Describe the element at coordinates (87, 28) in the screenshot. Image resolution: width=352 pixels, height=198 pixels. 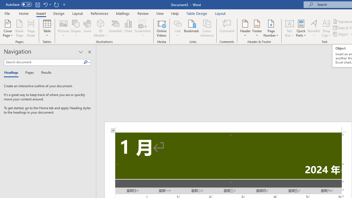
I see `'Icons'` at that location.